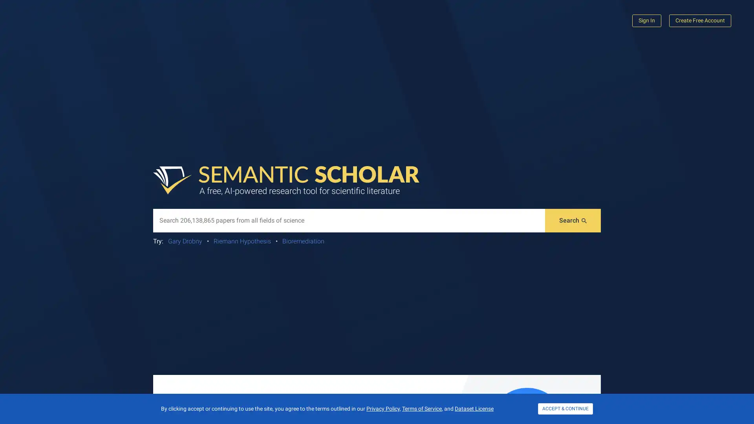 Image resolution: width=754 pixels, height=424 pixels. What do you see at coordinates (646, 20) in the screenshot?
I see `Sign In` at bounding box center [646, 20].